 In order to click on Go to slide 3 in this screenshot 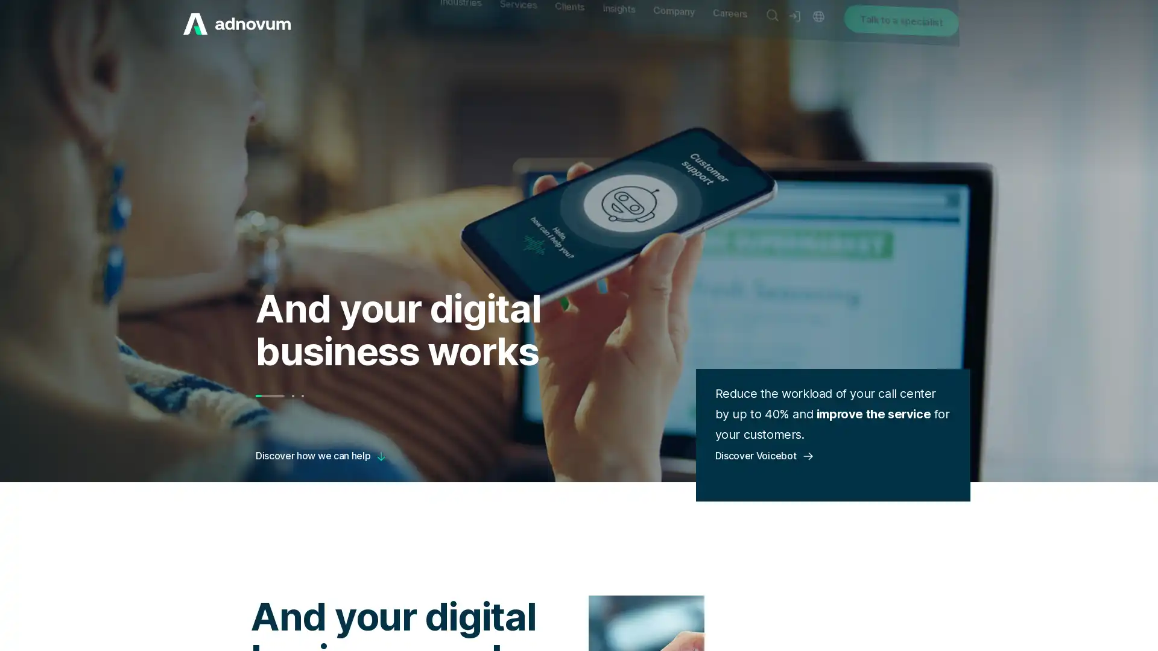, I will do `click(288, 395)`.